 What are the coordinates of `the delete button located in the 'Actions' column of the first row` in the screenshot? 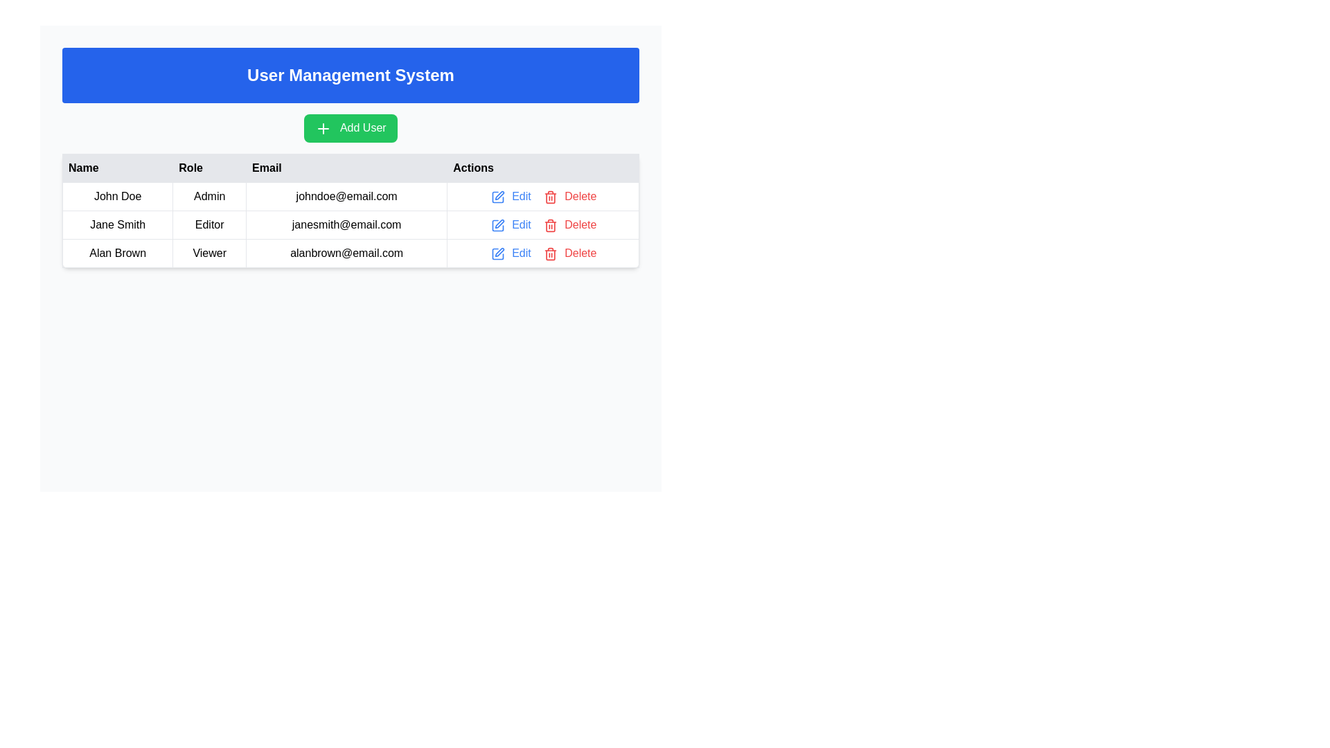 It's located at (569, 196).